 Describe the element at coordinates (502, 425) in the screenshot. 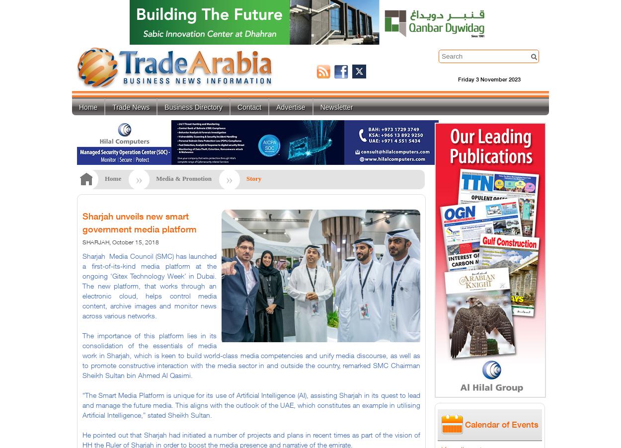

I see `'Calendar of Events'` at that location.